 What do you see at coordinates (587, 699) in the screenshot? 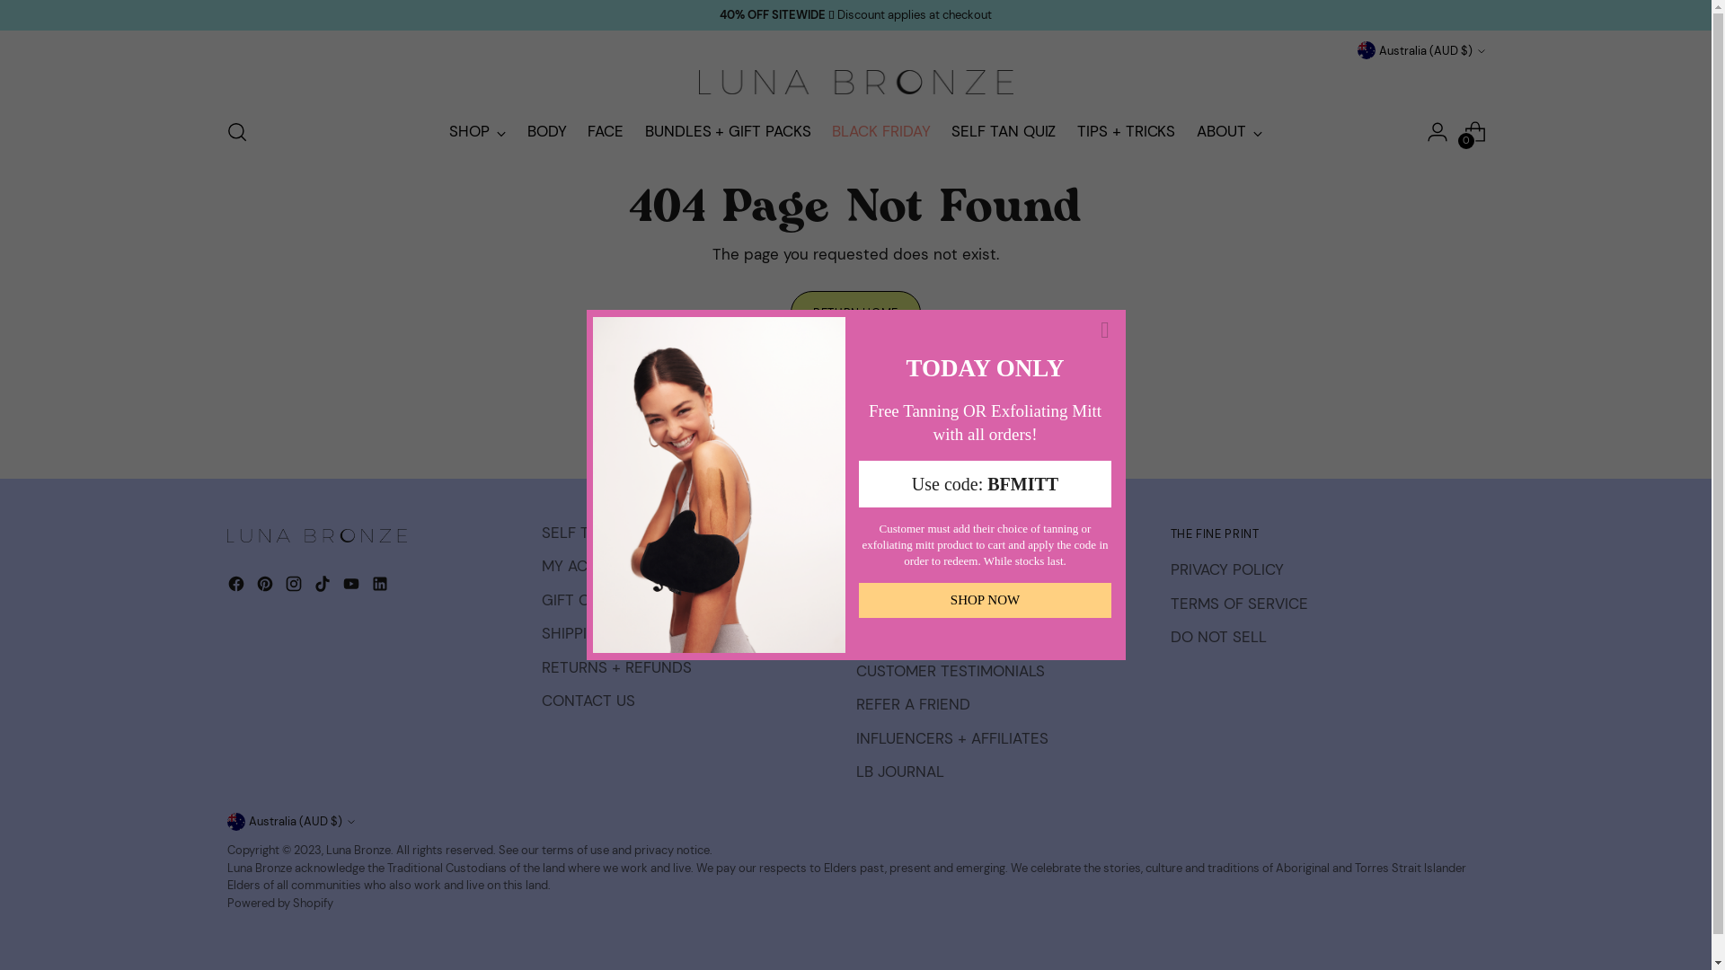
I see `'CONTACT US'` at bounding box center [587, 699].